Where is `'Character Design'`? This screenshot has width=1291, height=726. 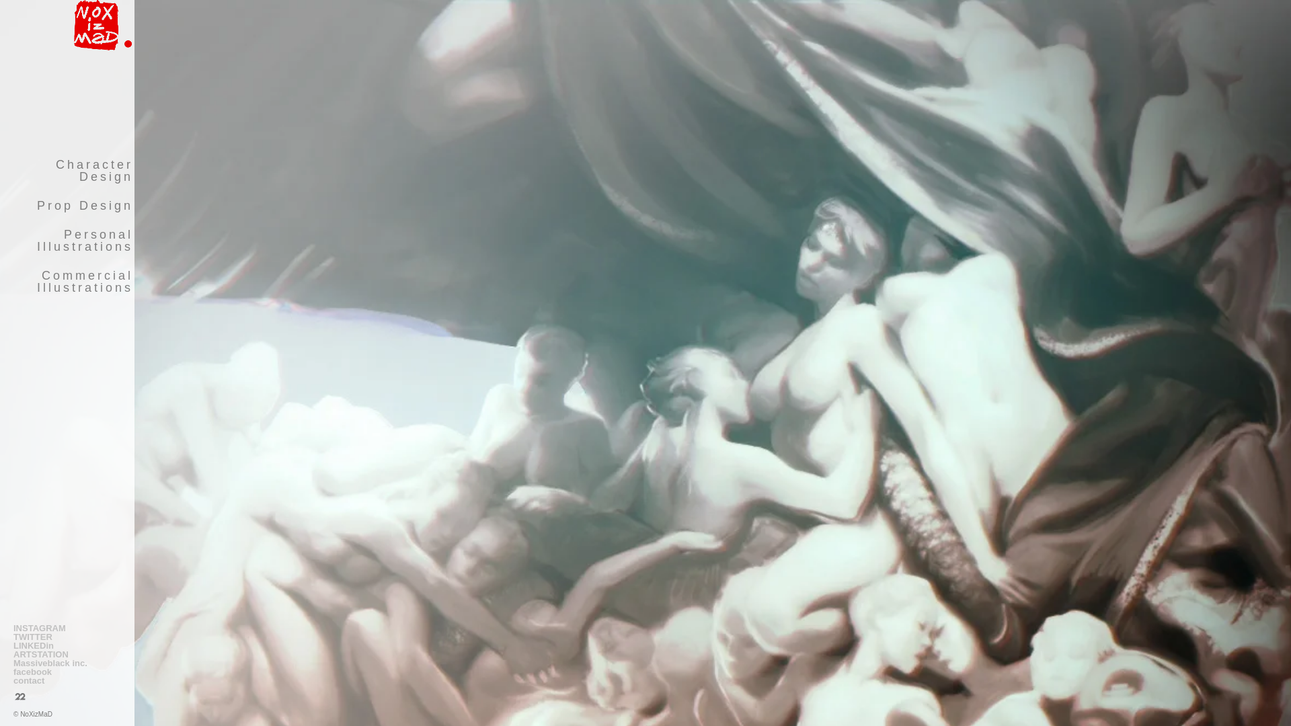 'Character Design' is located at coordinates (1, 170).